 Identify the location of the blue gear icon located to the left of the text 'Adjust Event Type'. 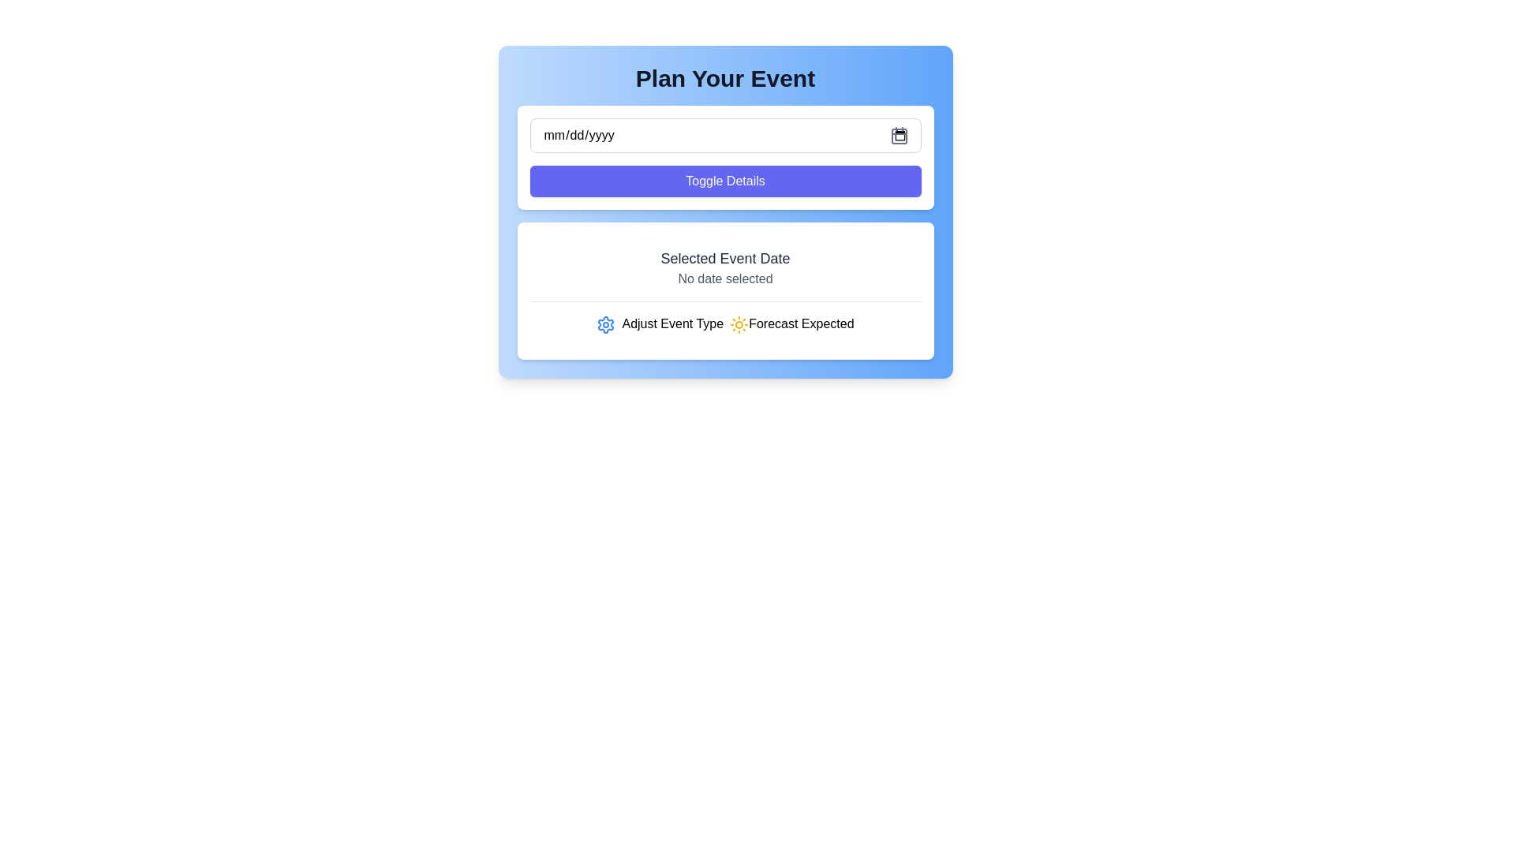
(605, 323).